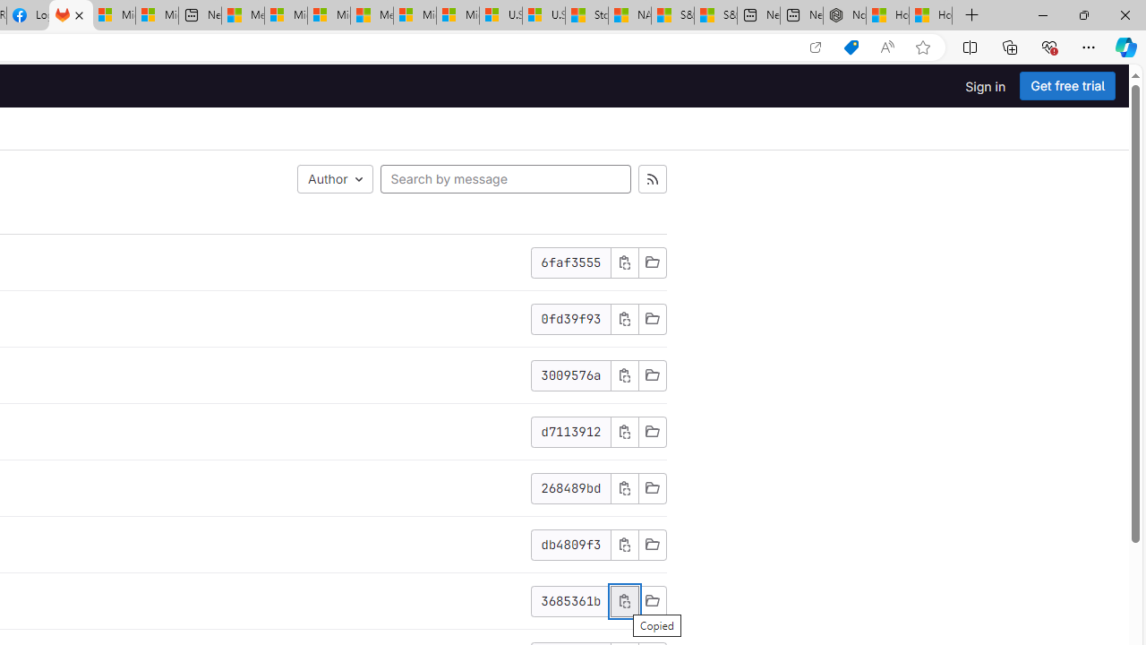  I want to click on 'S&P 500, Nasdaq end lower, weighed by Nvidia dip | Watch', so click(714, 15).